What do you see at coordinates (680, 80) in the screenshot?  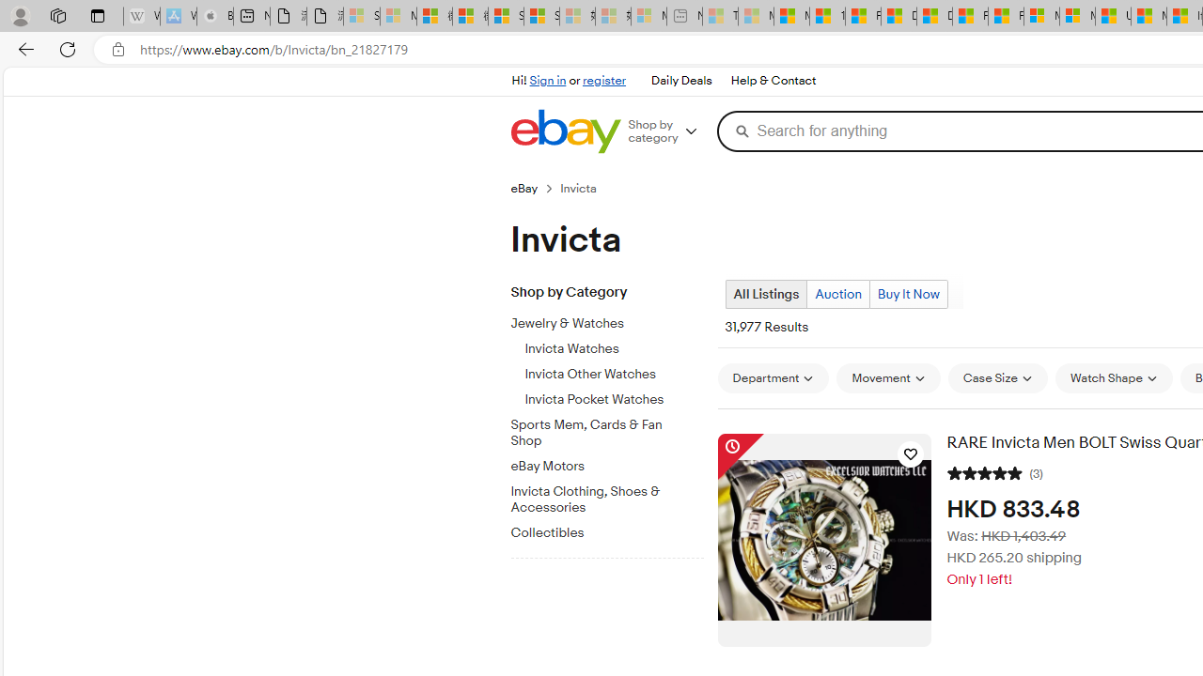 I see `'Daily Deals'` at bounding box center [680, 80].